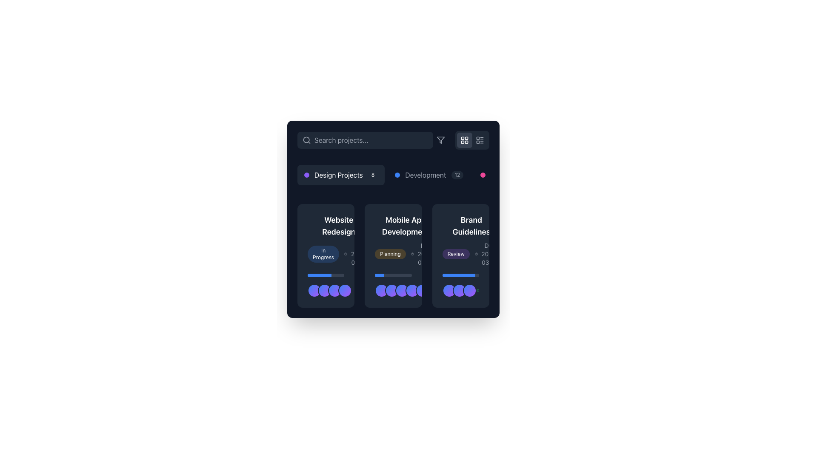 This screenshot has height=459, width=817. Describe the element at coordinates (480, 140) in the screenshot. I see `the toggle view layout button located in the top-right corner of the interface, which is the second icon in a side-by-side arrangement of two buttons` at that location.